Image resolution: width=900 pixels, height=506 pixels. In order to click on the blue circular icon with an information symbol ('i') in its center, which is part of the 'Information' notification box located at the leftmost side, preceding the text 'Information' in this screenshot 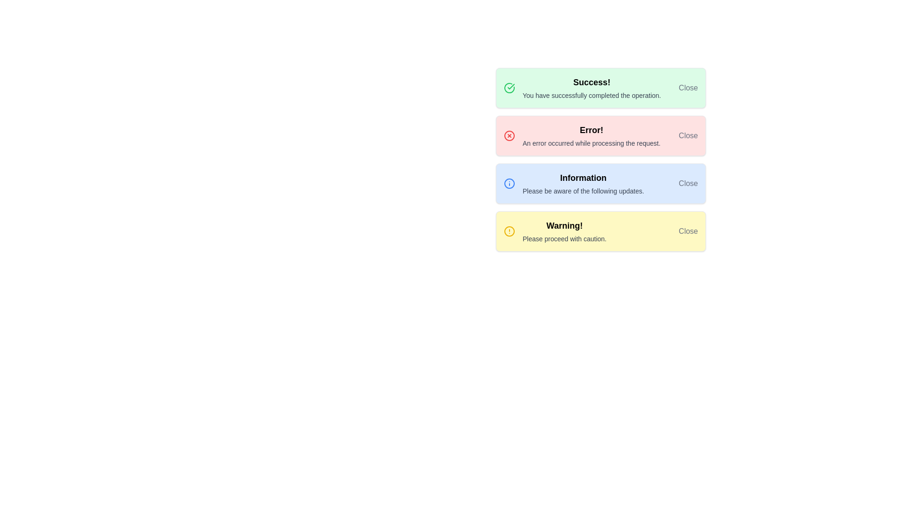, I will do `click(509, 184)`.